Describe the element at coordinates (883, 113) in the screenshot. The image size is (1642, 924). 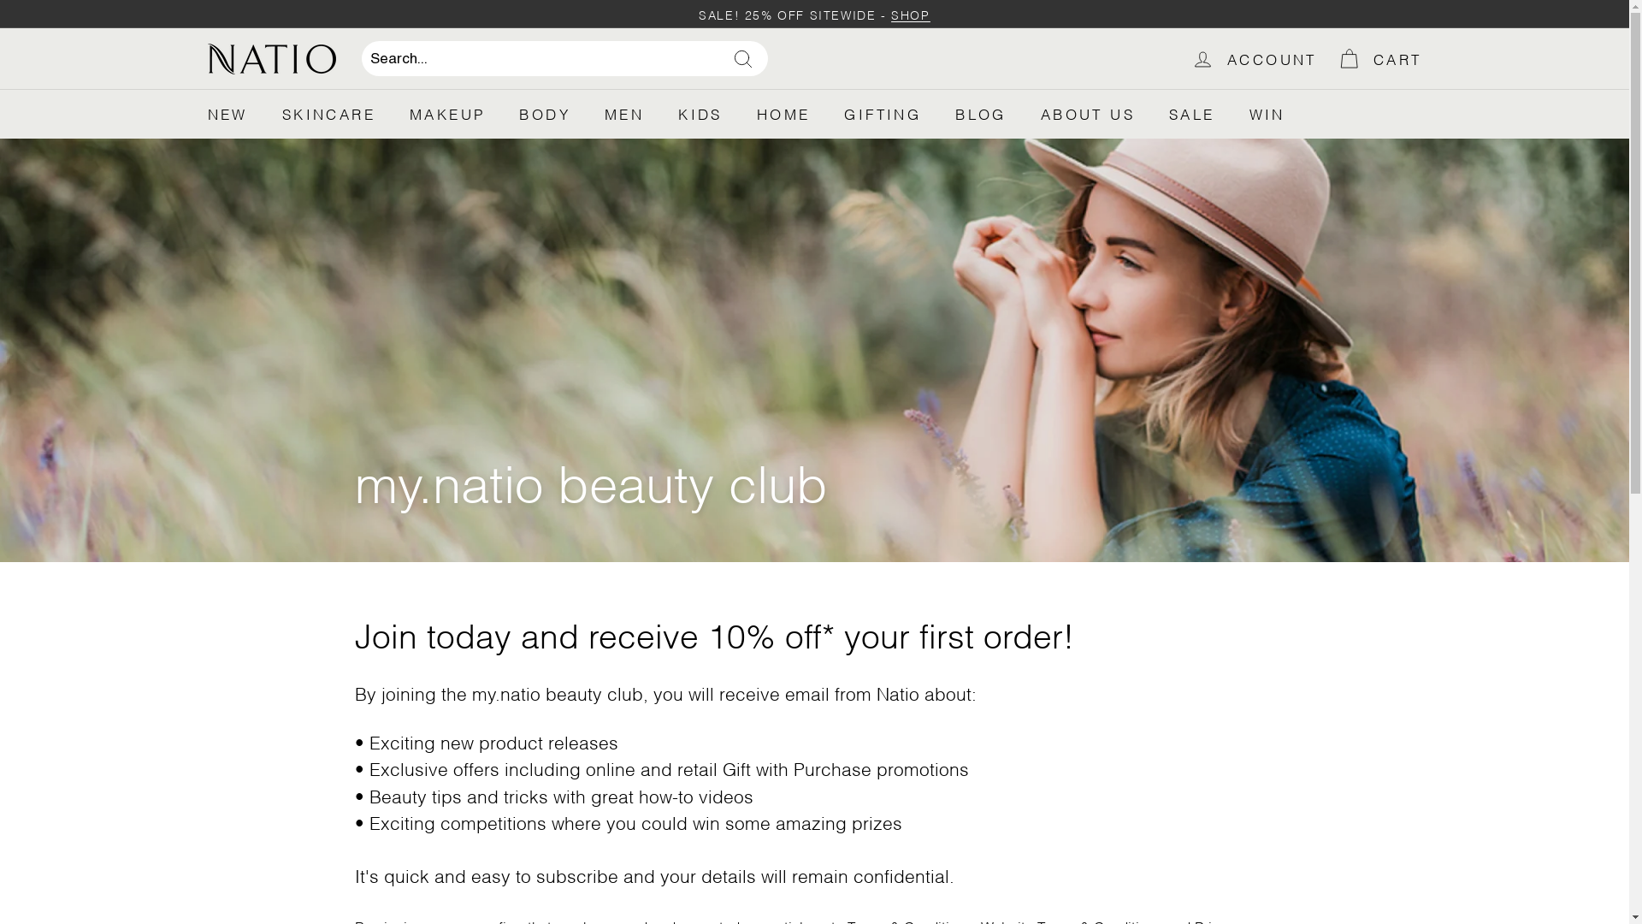
I see `'GIFTING'` at that location.